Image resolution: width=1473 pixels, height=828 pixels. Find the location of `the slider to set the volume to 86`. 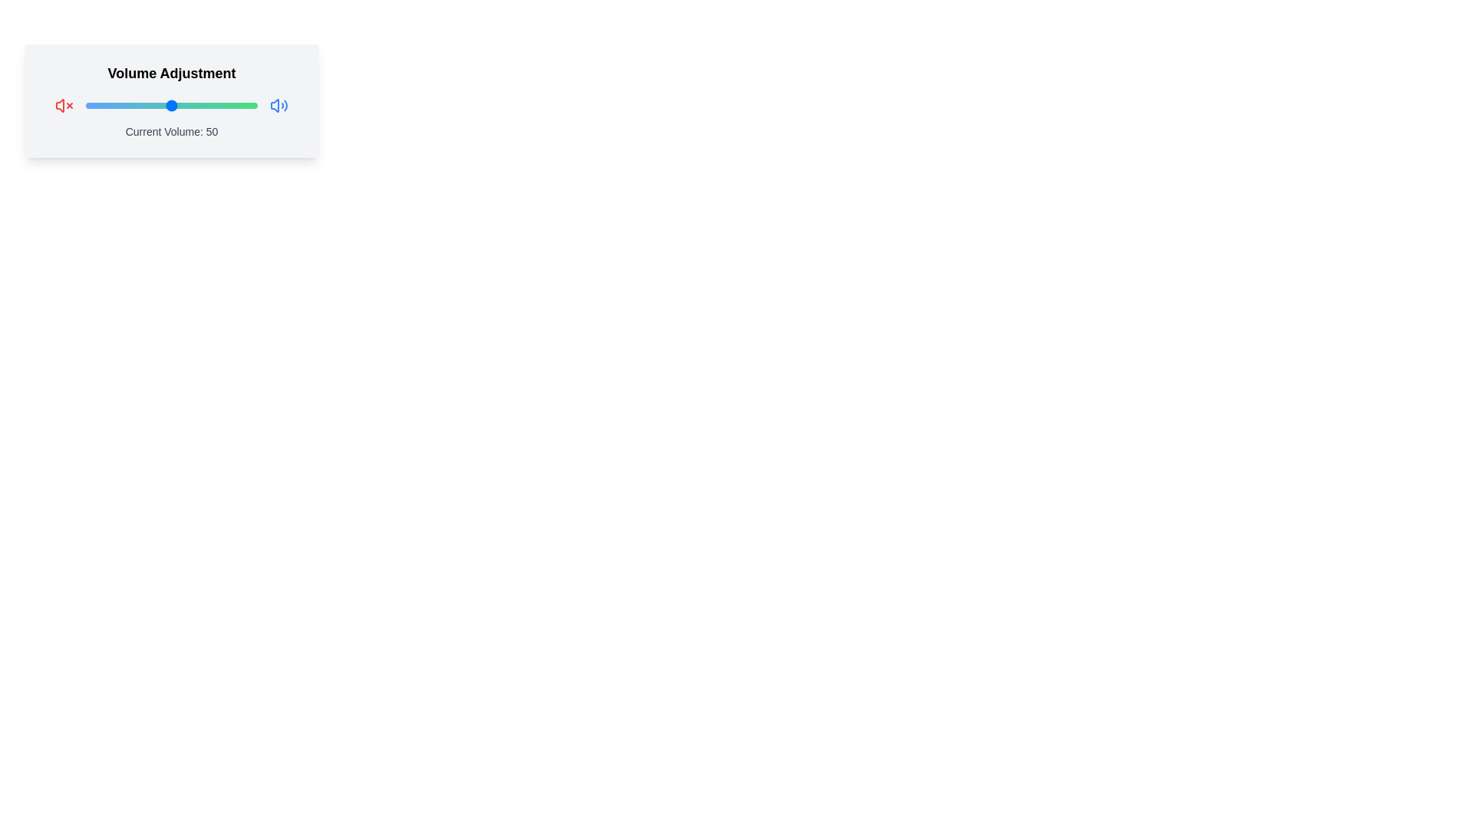

the slider to set the volume to 86 is located at coordinates (232, 105).